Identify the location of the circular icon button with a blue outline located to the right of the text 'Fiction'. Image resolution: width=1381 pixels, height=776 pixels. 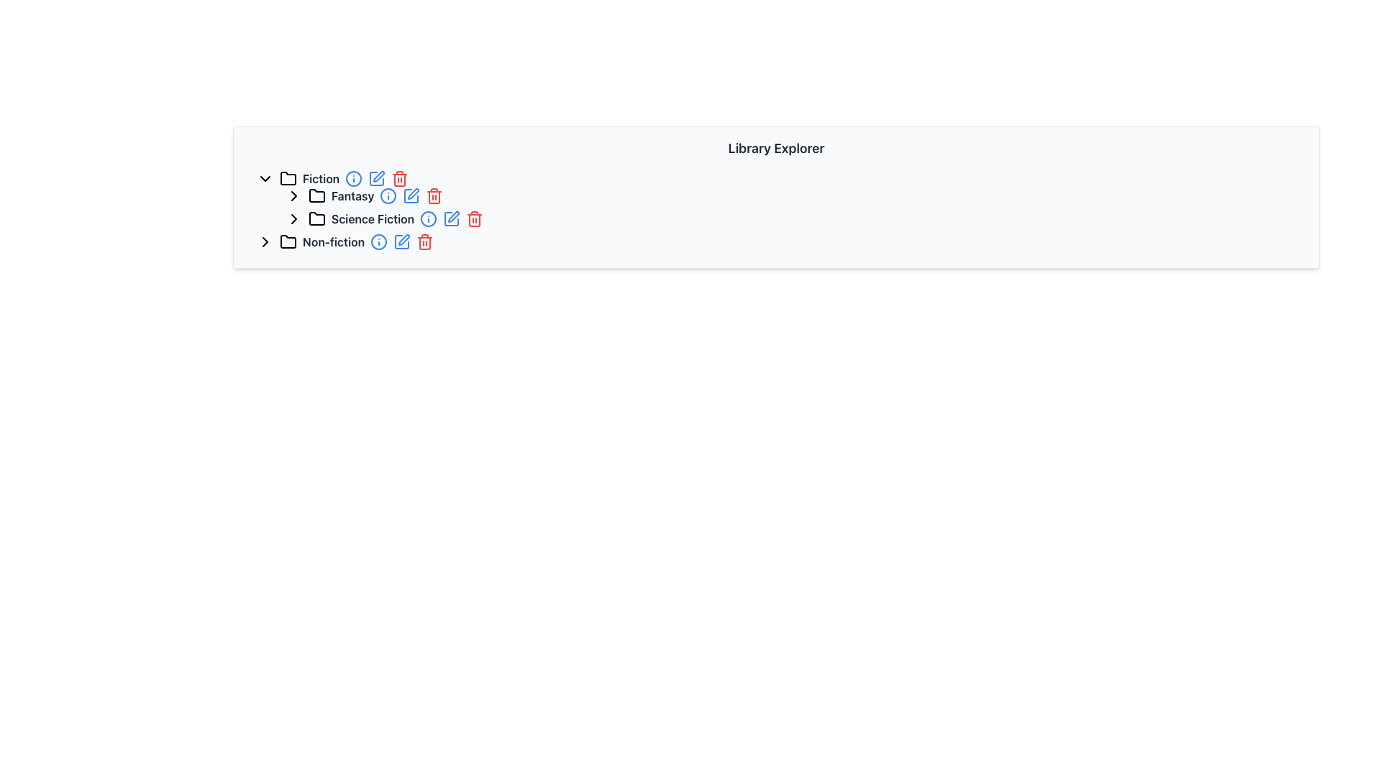
(354, 178).